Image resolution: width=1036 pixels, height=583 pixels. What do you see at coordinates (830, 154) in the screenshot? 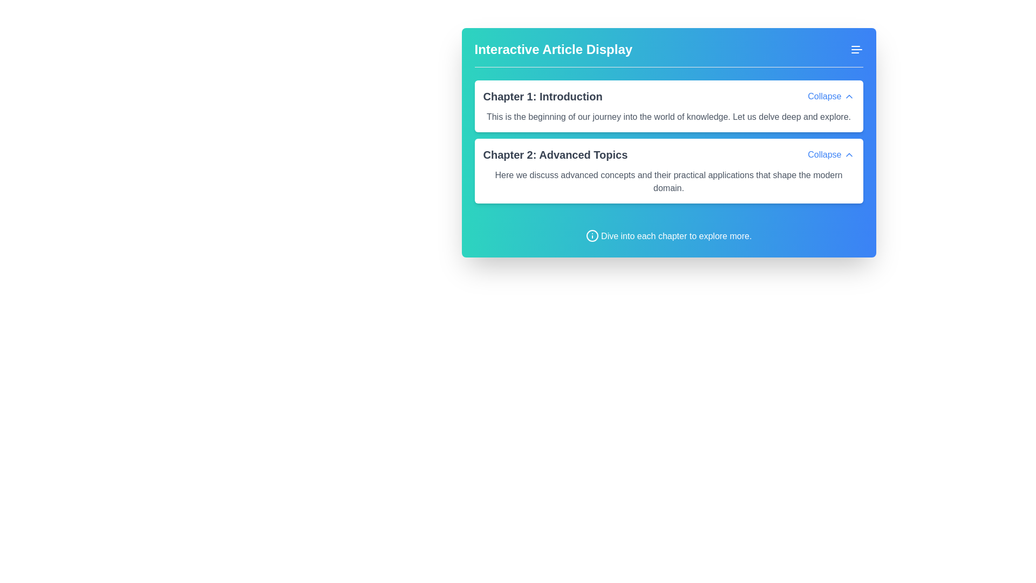
I see `the button with text and icon` at bounding box center [830, 154].